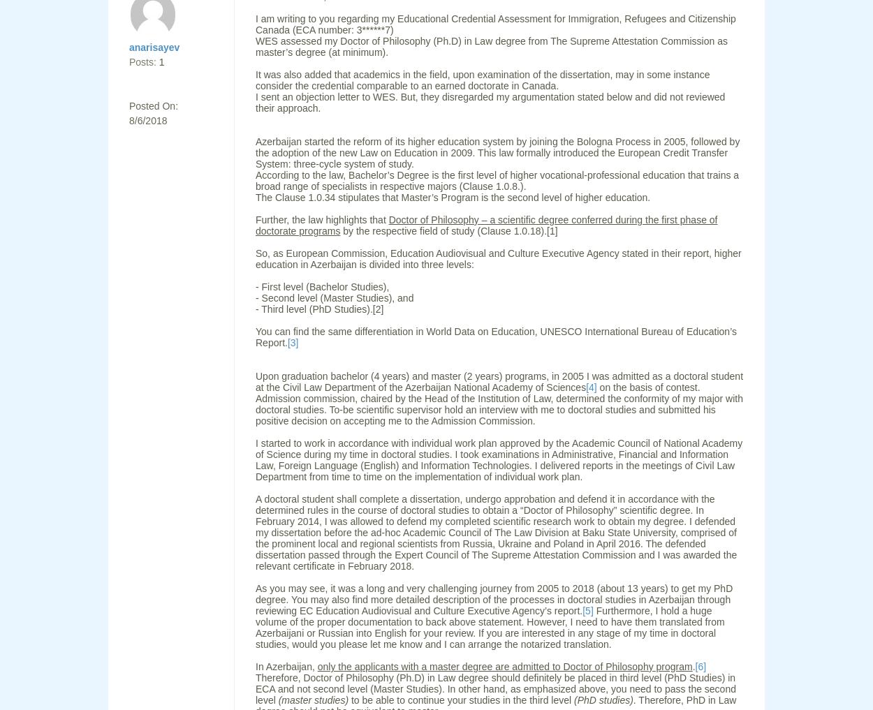 The width and height of the screenshot is (873, 710). Describe the element at coordinates (153, 112) in the screenshot. I see `'Posted On: 8/6/2018'` at that location.